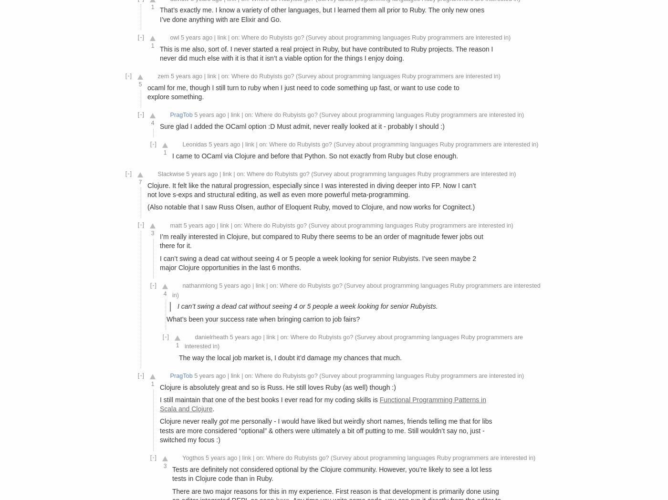 The width and height of the screenshot is (668, 500). What do you see at coordinates (199, 286) in the screenshot?
I see `'nathanmlong'` at bounding box center [199, 286].